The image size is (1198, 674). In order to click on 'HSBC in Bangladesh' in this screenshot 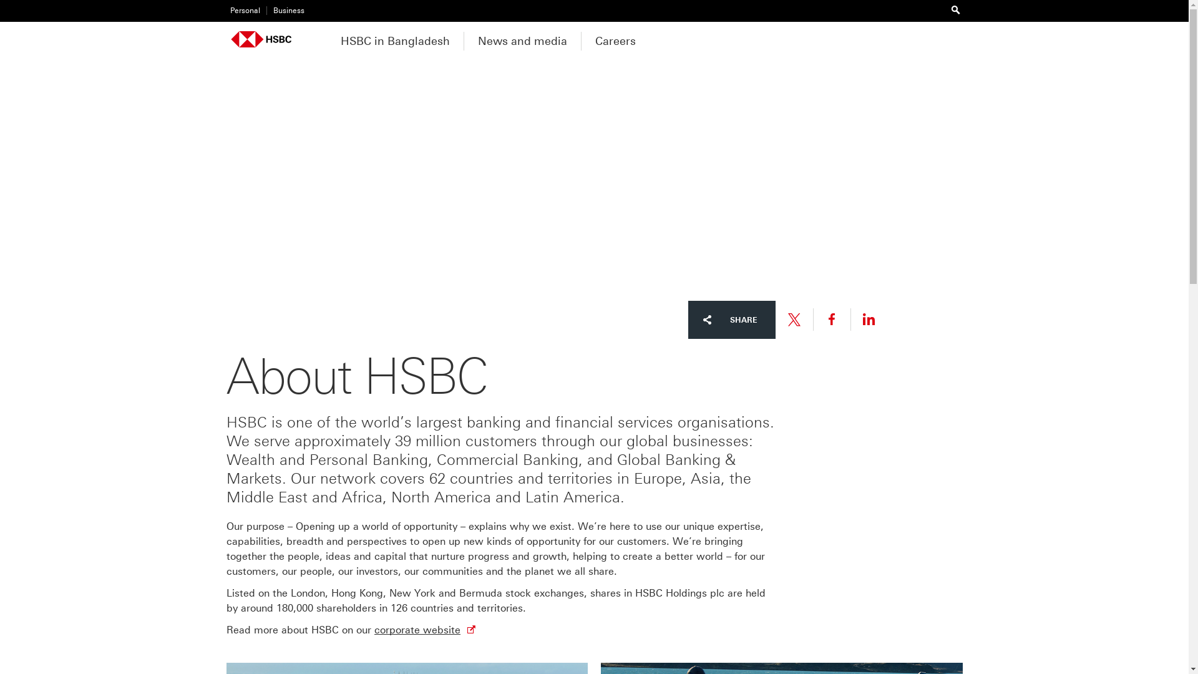, I will do `click(326, 38)`.